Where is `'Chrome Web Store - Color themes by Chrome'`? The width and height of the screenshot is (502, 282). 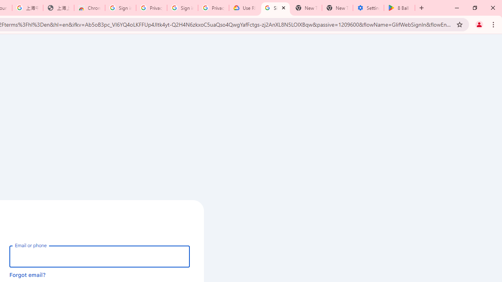 'Chrome Web Store - Color themes by Chrome' is located at coordinates (89, 8).